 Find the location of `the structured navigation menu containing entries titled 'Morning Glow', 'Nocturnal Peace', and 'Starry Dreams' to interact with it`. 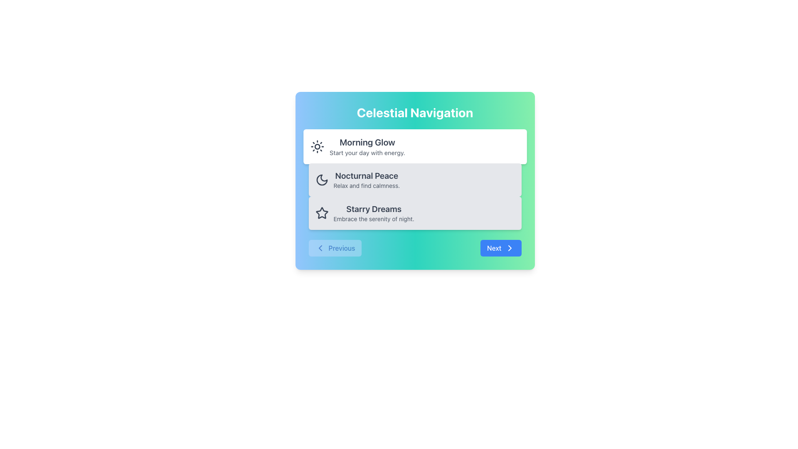

the structured navigation menu containing entries titled 'Morning Glow', 'Nocturnal Peace', and 'Starry Dreams' to interact with it is located at coordinates (415, 179).